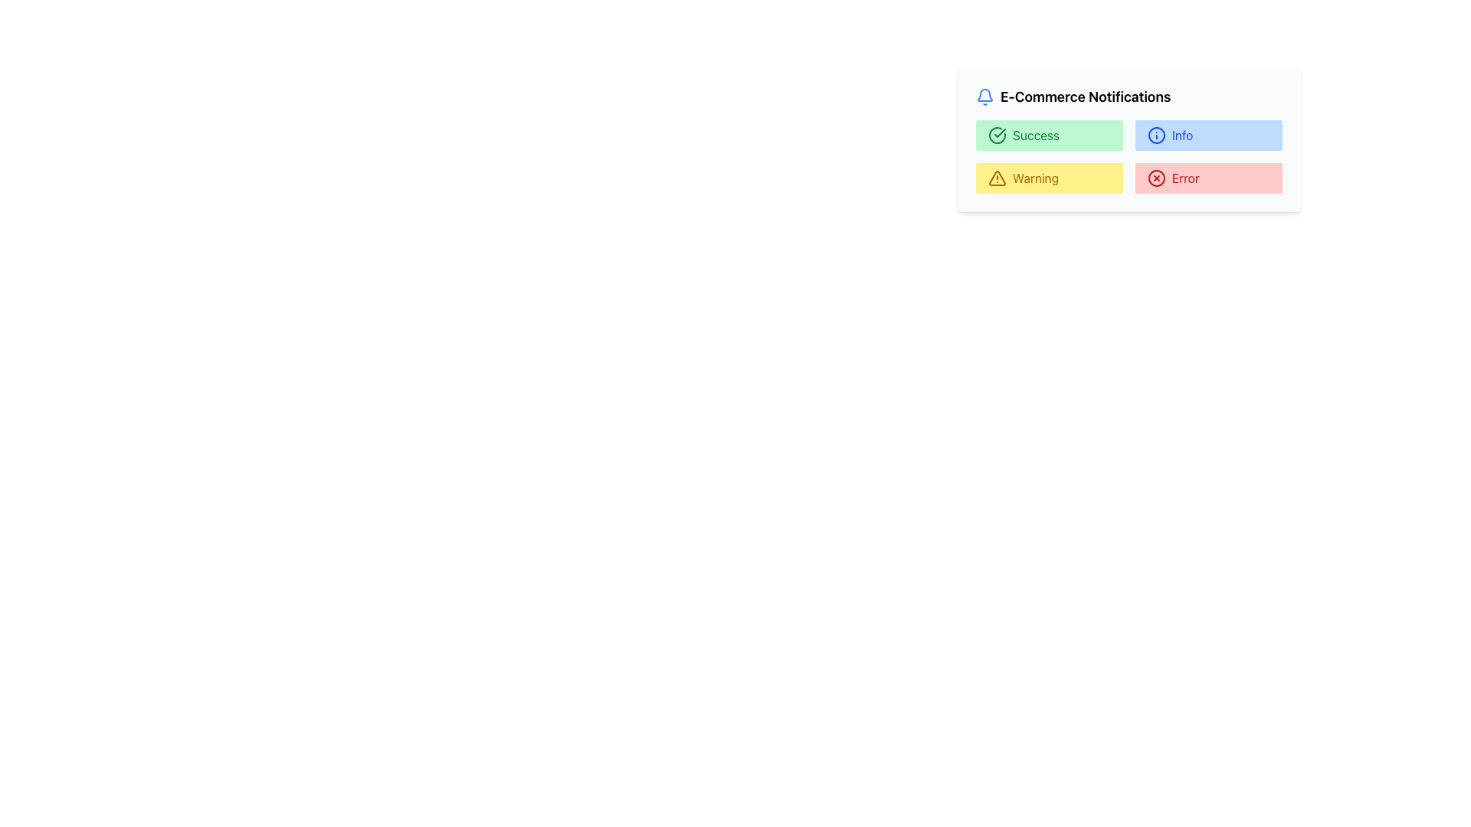 Image resolution: width=1471 pixels, height=827 pixels. Describe the element at coordinates (985, 95) in the screenshot. I see `the bottom part of the notification bell icon located in the top-left corner of the notification panel` at that location.